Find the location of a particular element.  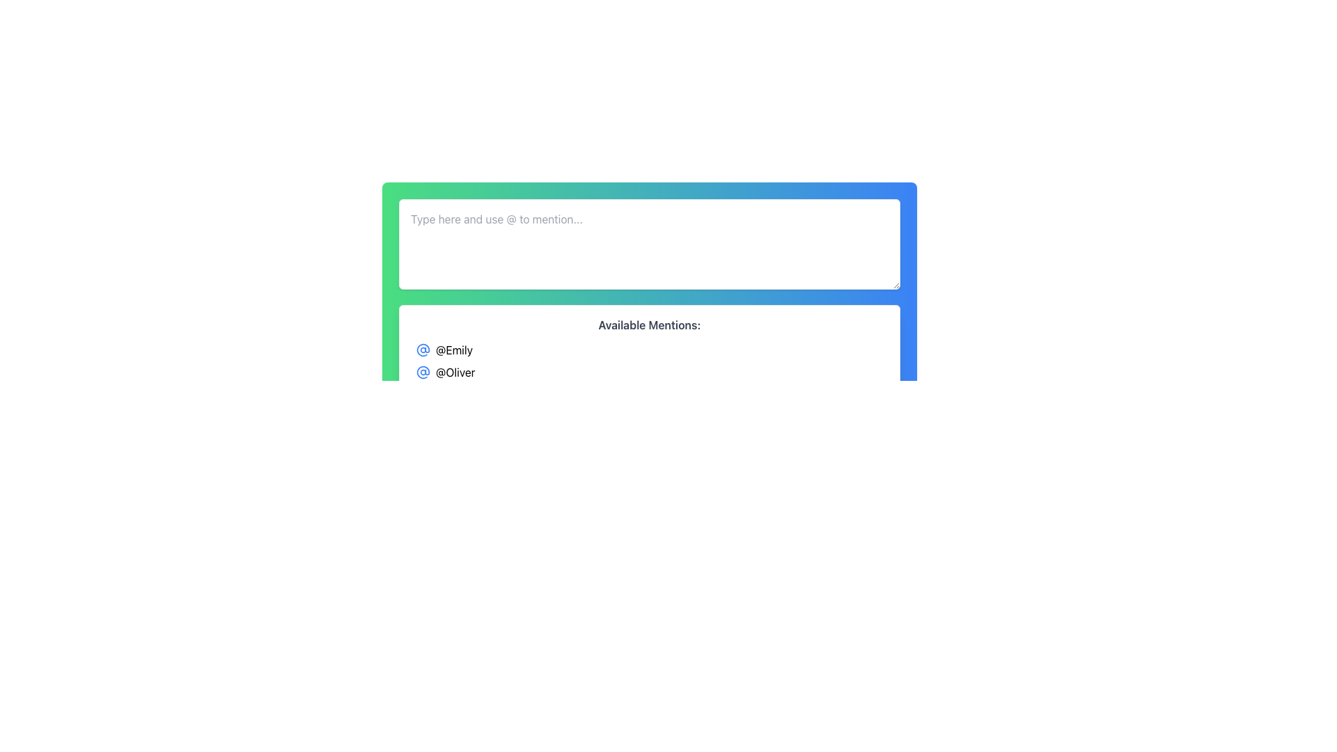

the selectable mention option for 'Oliver' located below '@Emily' in the 'Available Mentions' list is located at coordinates (455, 372).